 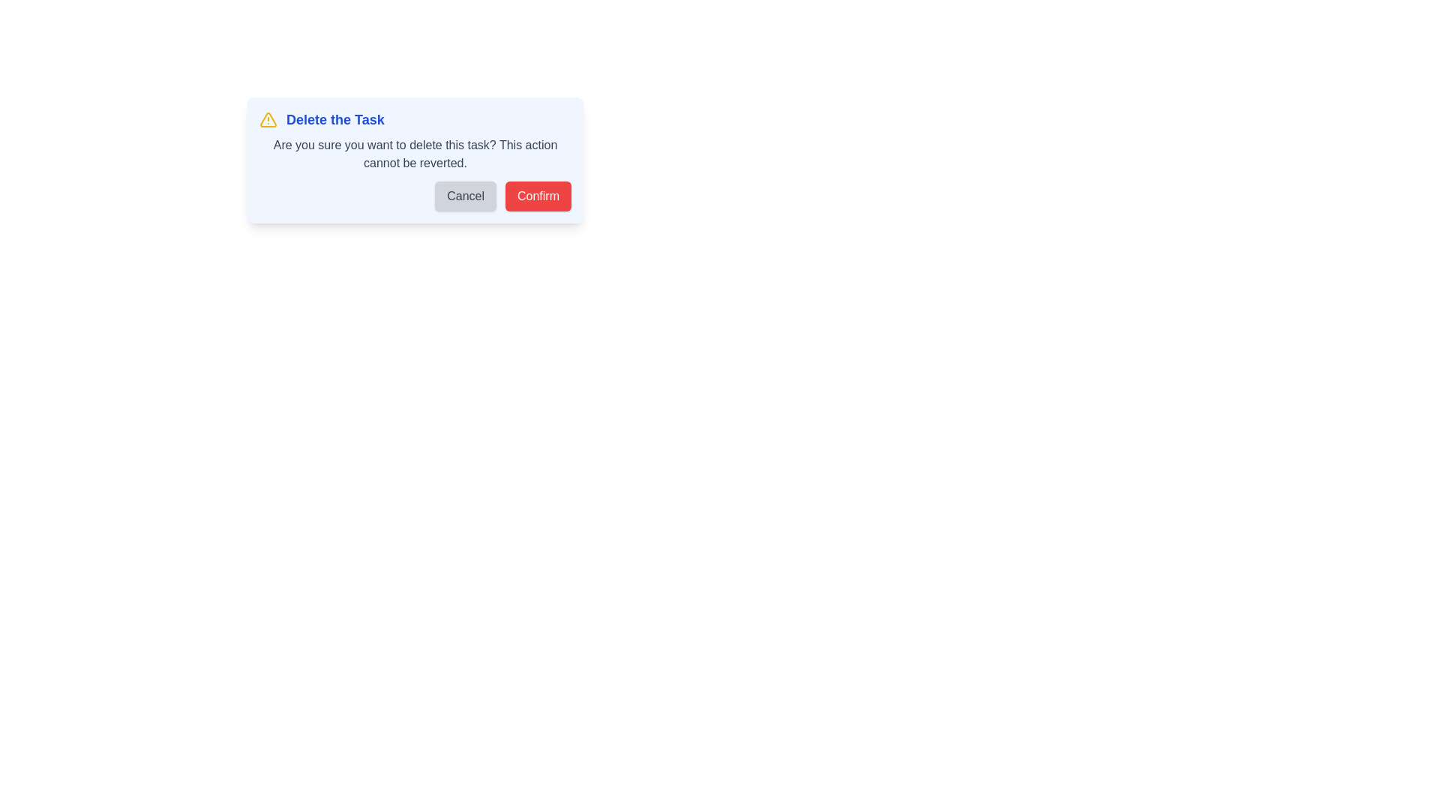 What do you see at coordinates (546, 160) in the screenshot?
I see `the 'Confirm' button in the Confirmation dialog that states 'Delete the Task' to proceed with deleting the task` at bounding box center [546, 160].